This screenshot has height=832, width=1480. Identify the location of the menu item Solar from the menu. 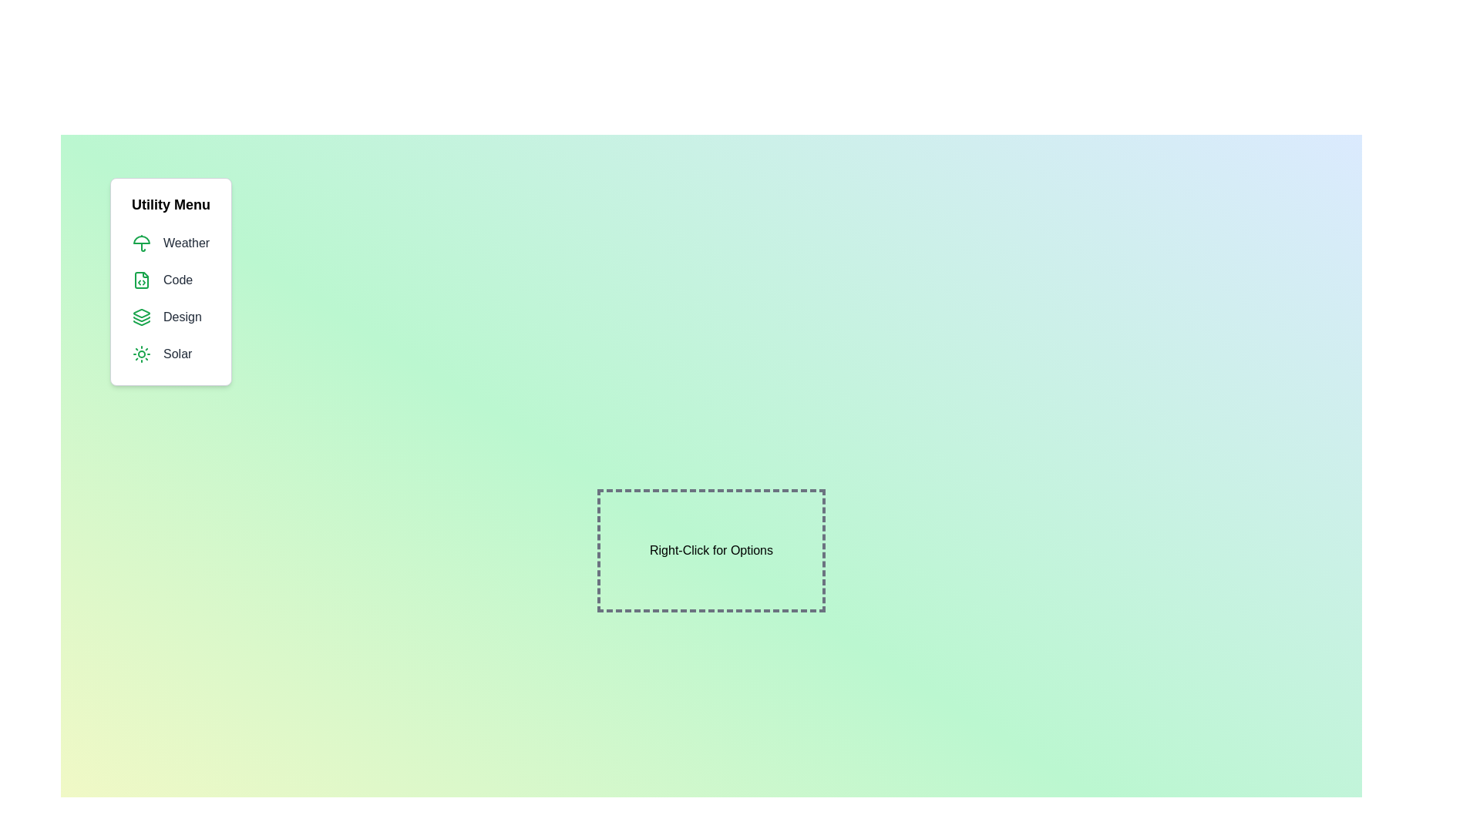
(170, 354).